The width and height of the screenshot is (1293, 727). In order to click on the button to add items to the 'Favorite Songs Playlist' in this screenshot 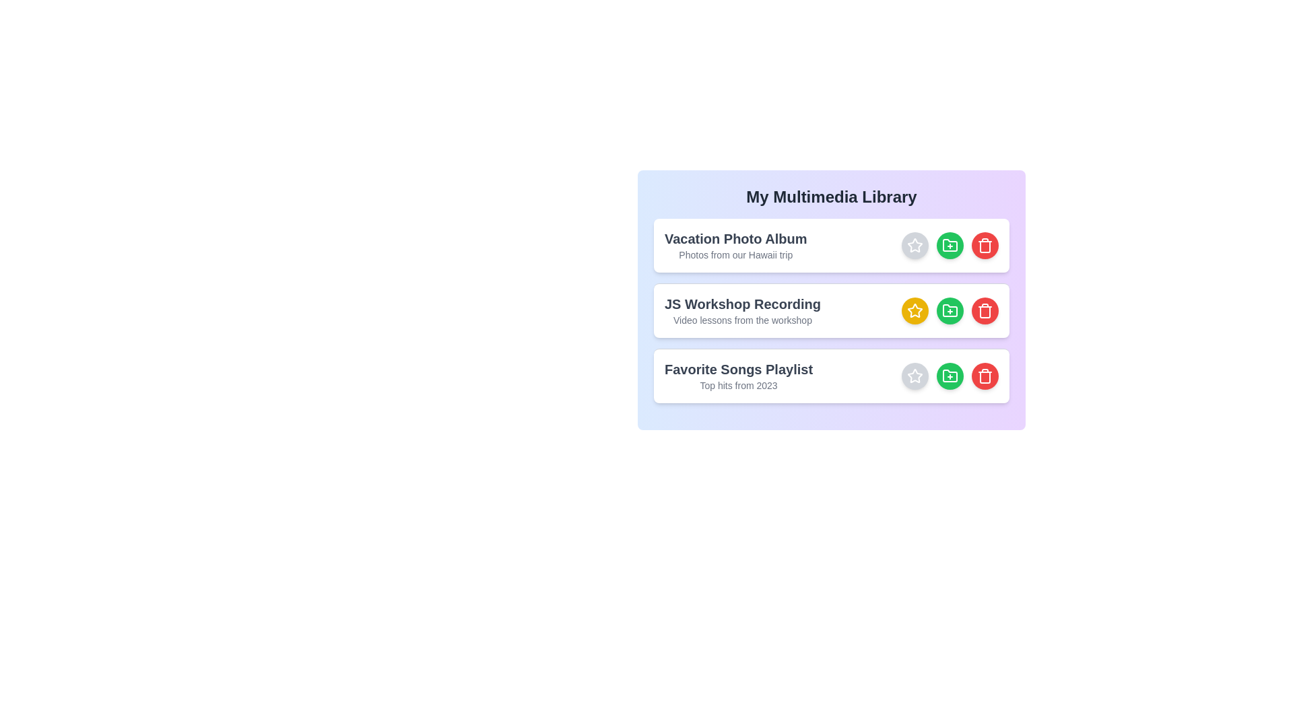, I will do `click(950, 376)`.